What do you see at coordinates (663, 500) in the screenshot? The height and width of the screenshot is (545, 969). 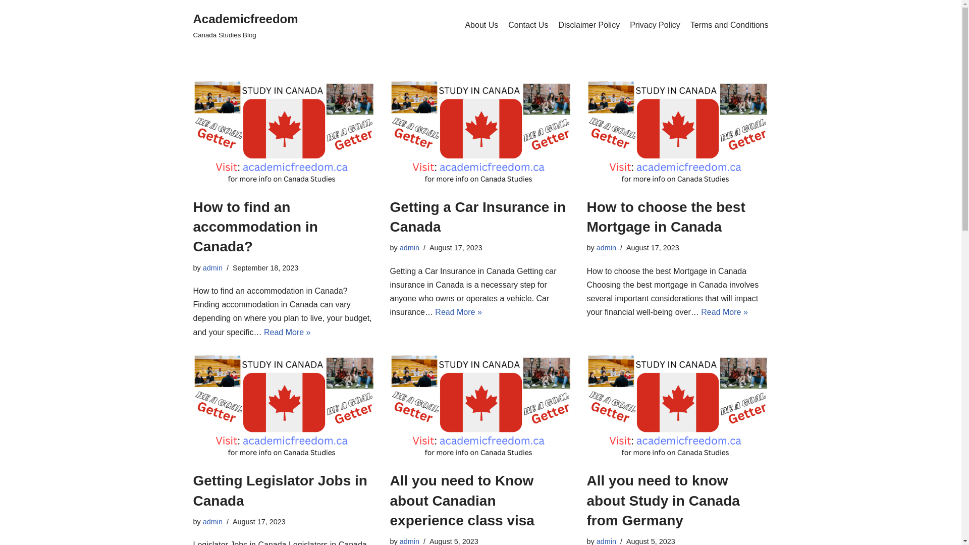 I see `'All you need to know about Study in Canada from Germany'` at bounding box center [663, 500].